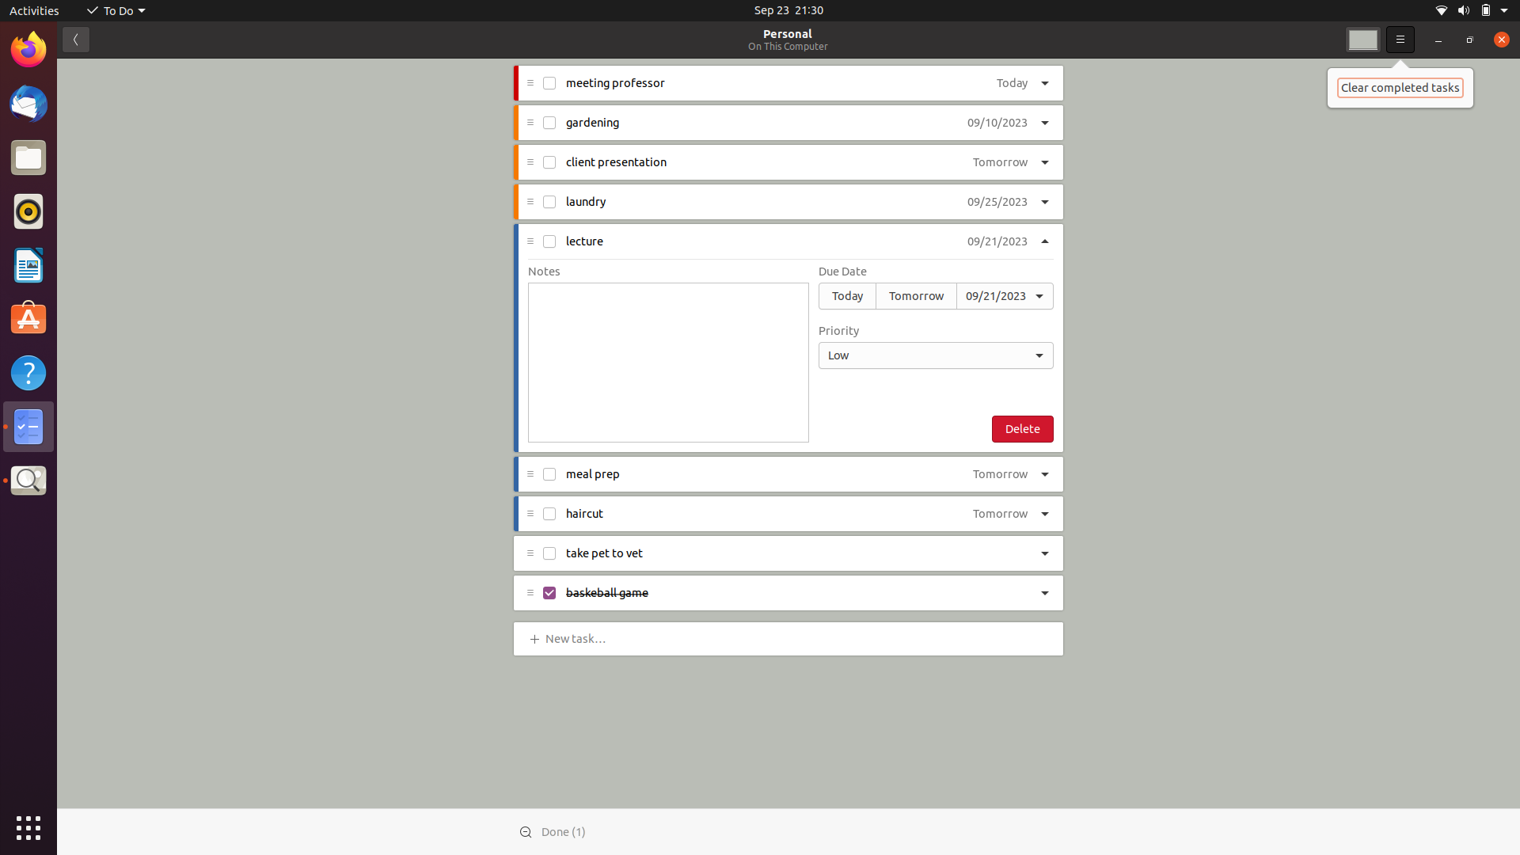 This screenshot has width=1520, height=855. I want to click on Mark "meal prep" task as completed, so click(549, 475).